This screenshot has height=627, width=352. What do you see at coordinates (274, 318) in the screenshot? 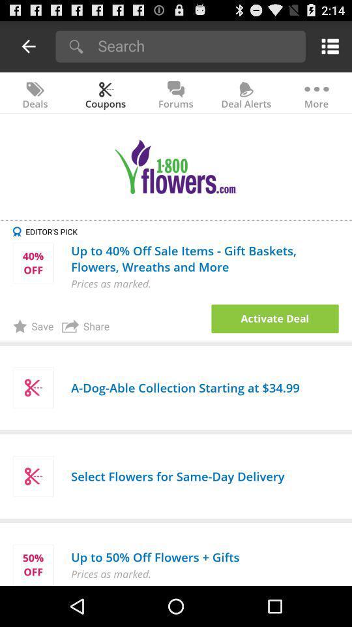
I see `icon to the right of share app` at bounding box center [274, 318].